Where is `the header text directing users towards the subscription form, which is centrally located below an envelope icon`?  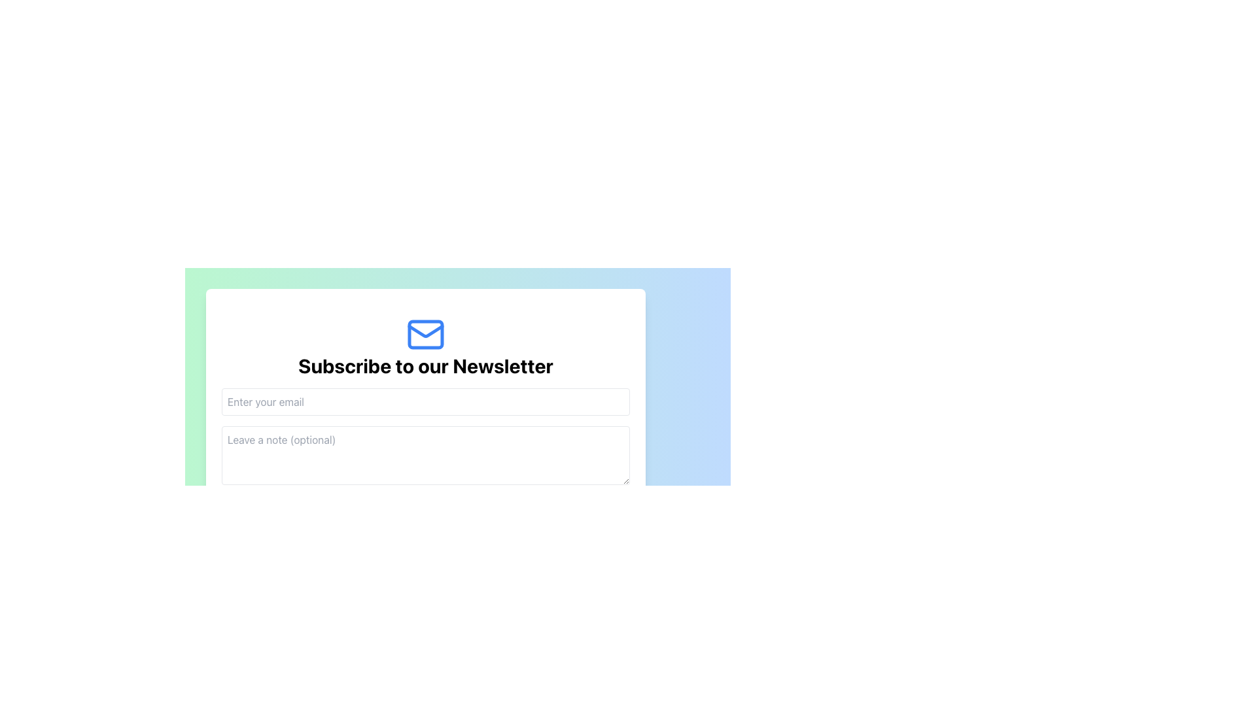 the header text directing users towards the subscription form, which is centrally located below an envelope icon is located at coordinates (426, 365).